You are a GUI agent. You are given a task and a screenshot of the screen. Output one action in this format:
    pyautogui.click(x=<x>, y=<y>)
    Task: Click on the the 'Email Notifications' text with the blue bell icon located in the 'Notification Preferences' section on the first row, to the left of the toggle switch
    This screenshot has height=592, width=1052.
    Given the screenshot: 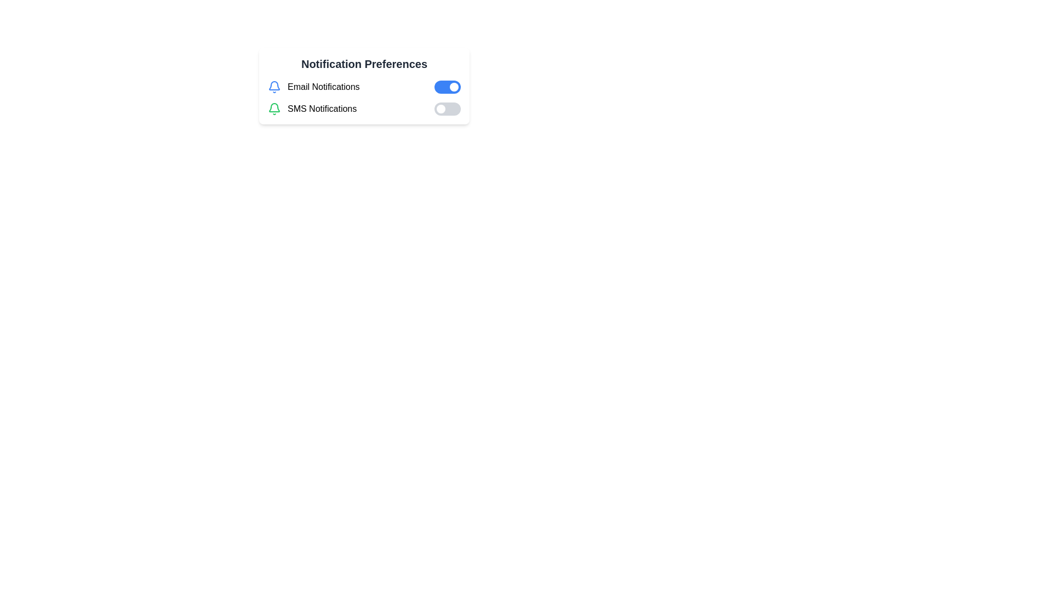 What is the action you would take?
    pyautogui.click(x=313, y=86)
    